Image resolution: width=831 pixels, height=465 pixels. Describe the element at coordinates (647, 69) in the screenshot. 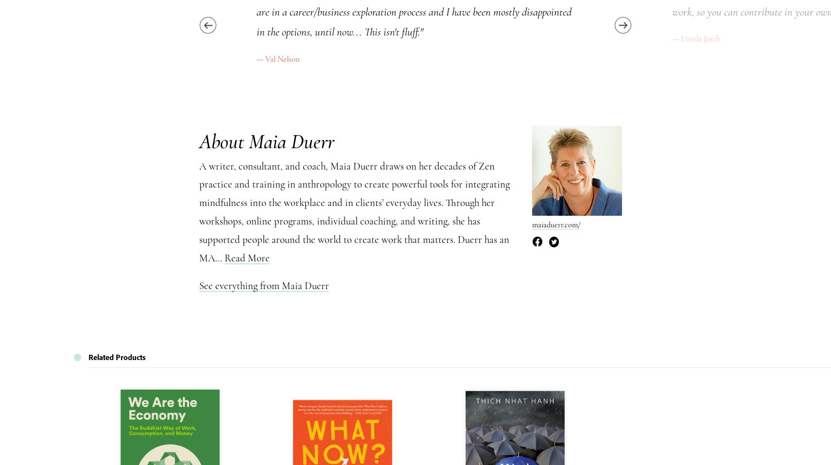

I see `'Hide'` at that location.